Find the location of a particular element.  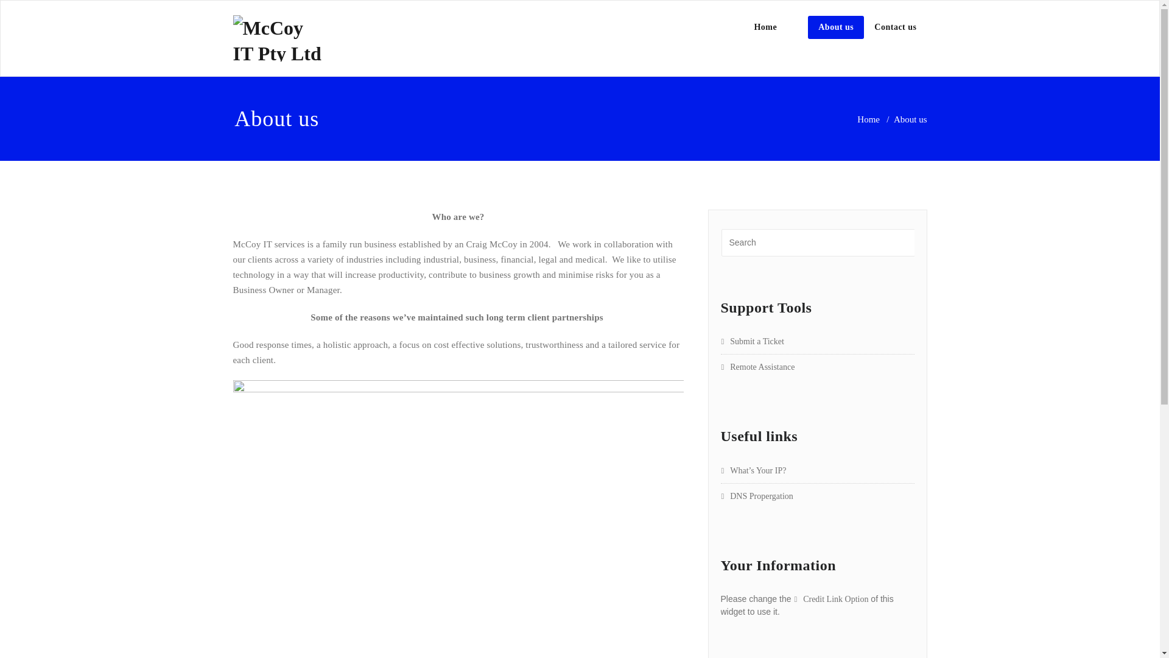

'Submit a Ticket' is located at coordinates (752, 341).